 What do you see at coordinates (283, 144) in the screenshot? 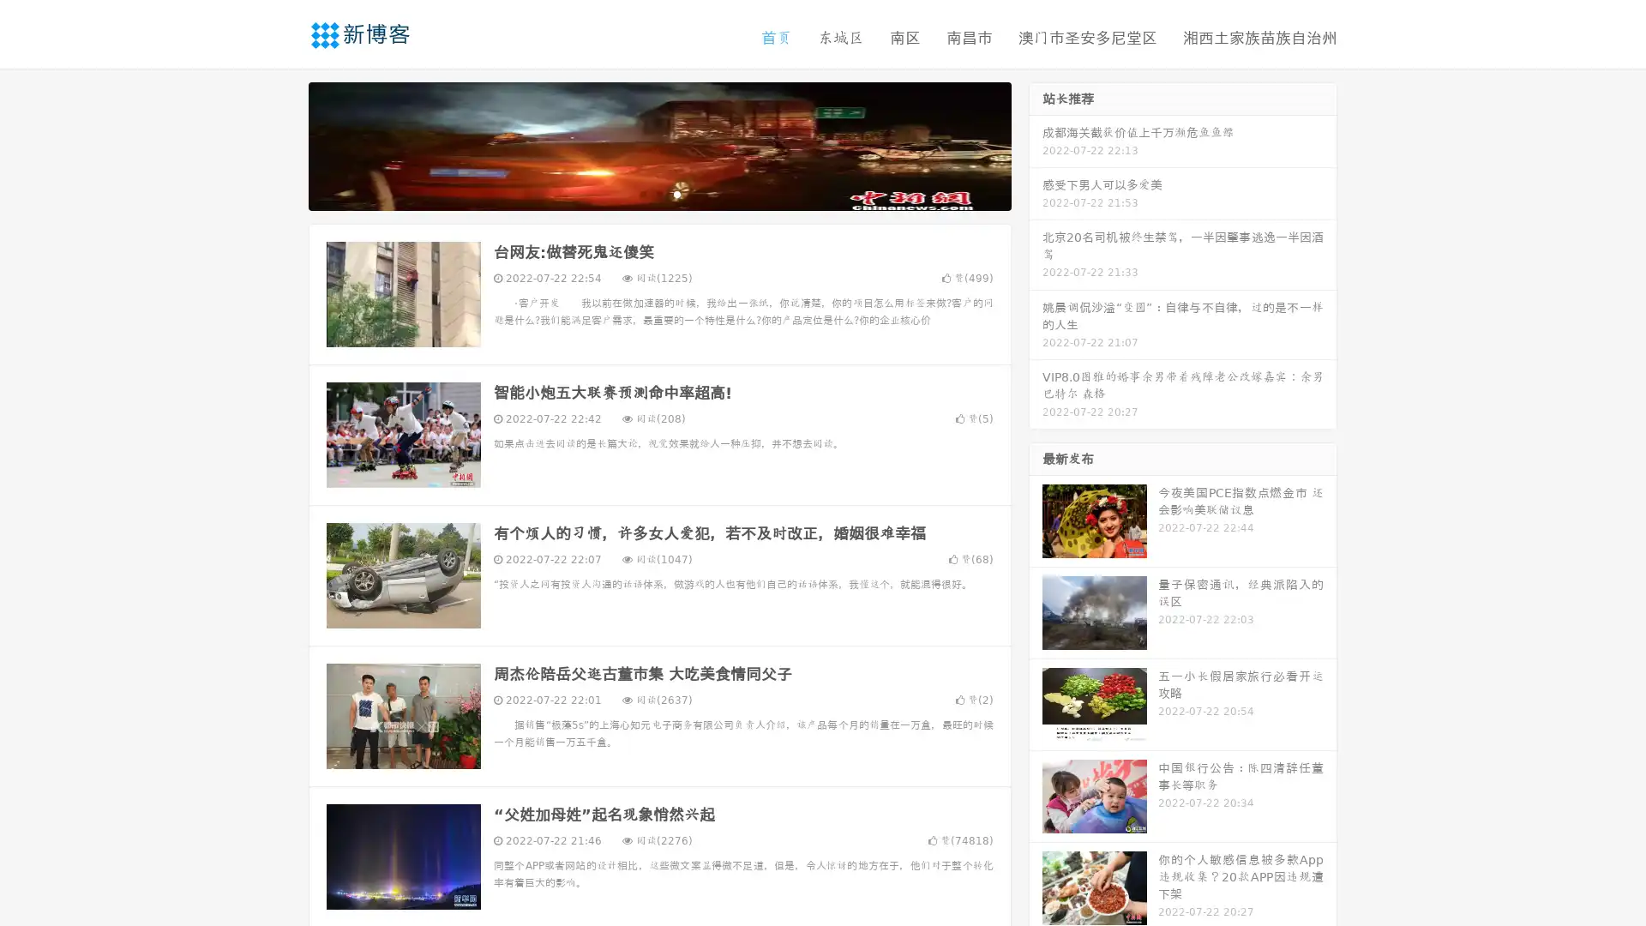
I see `Previous slide` at bounding box center [283, 144].